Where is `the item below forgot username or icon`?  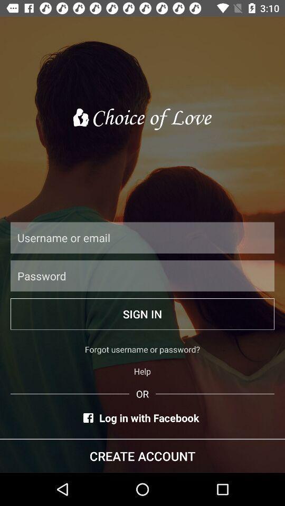
the item below forgot username or icon is located at coordinates (142, 371).